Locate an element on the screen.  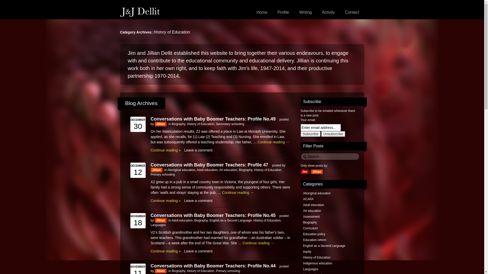
'Writing' is located at coordinates (305, 12).